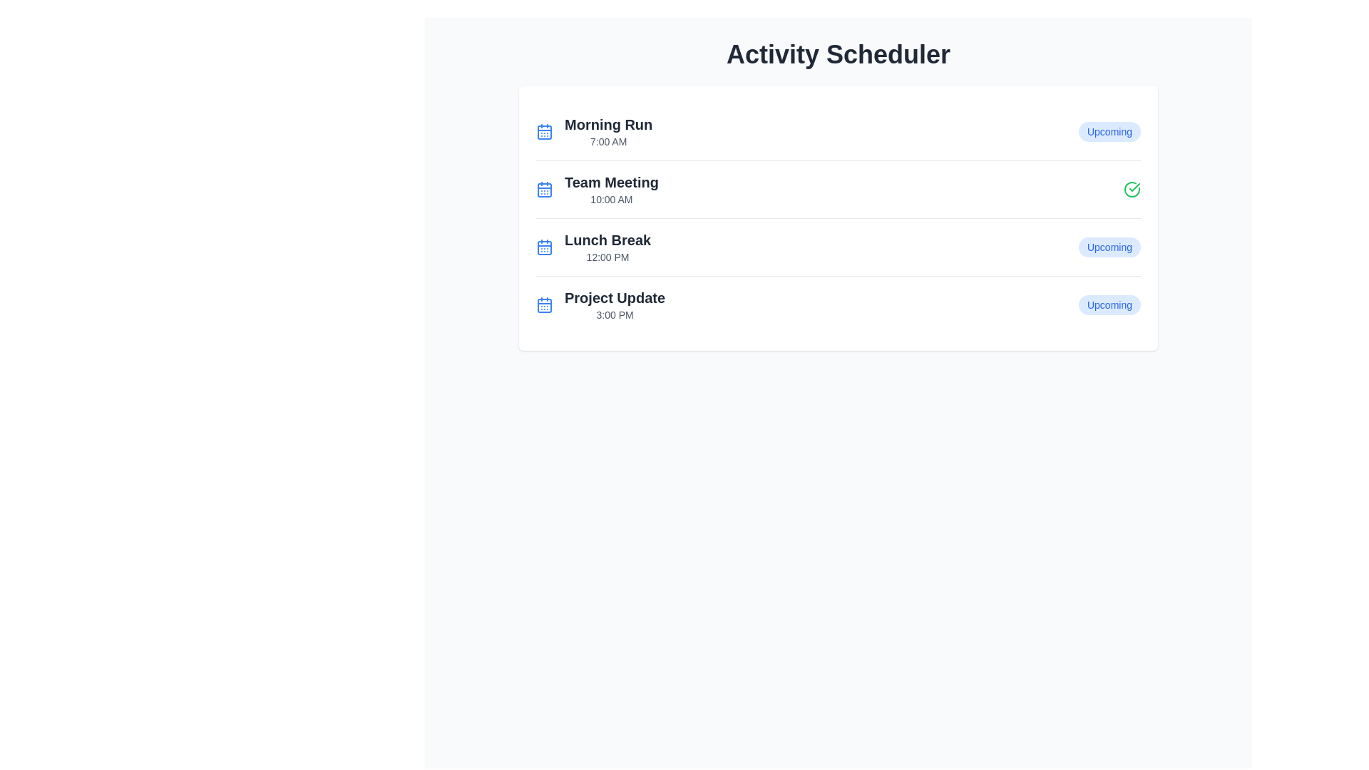  What do you see at coordinates (839, 189) in the screenshot?
I see `the second list item entry for scheduling, which displays the title and time of the event, located between 'Morning Run' and 'Lunch Break'` at bounding box center [839, 189].